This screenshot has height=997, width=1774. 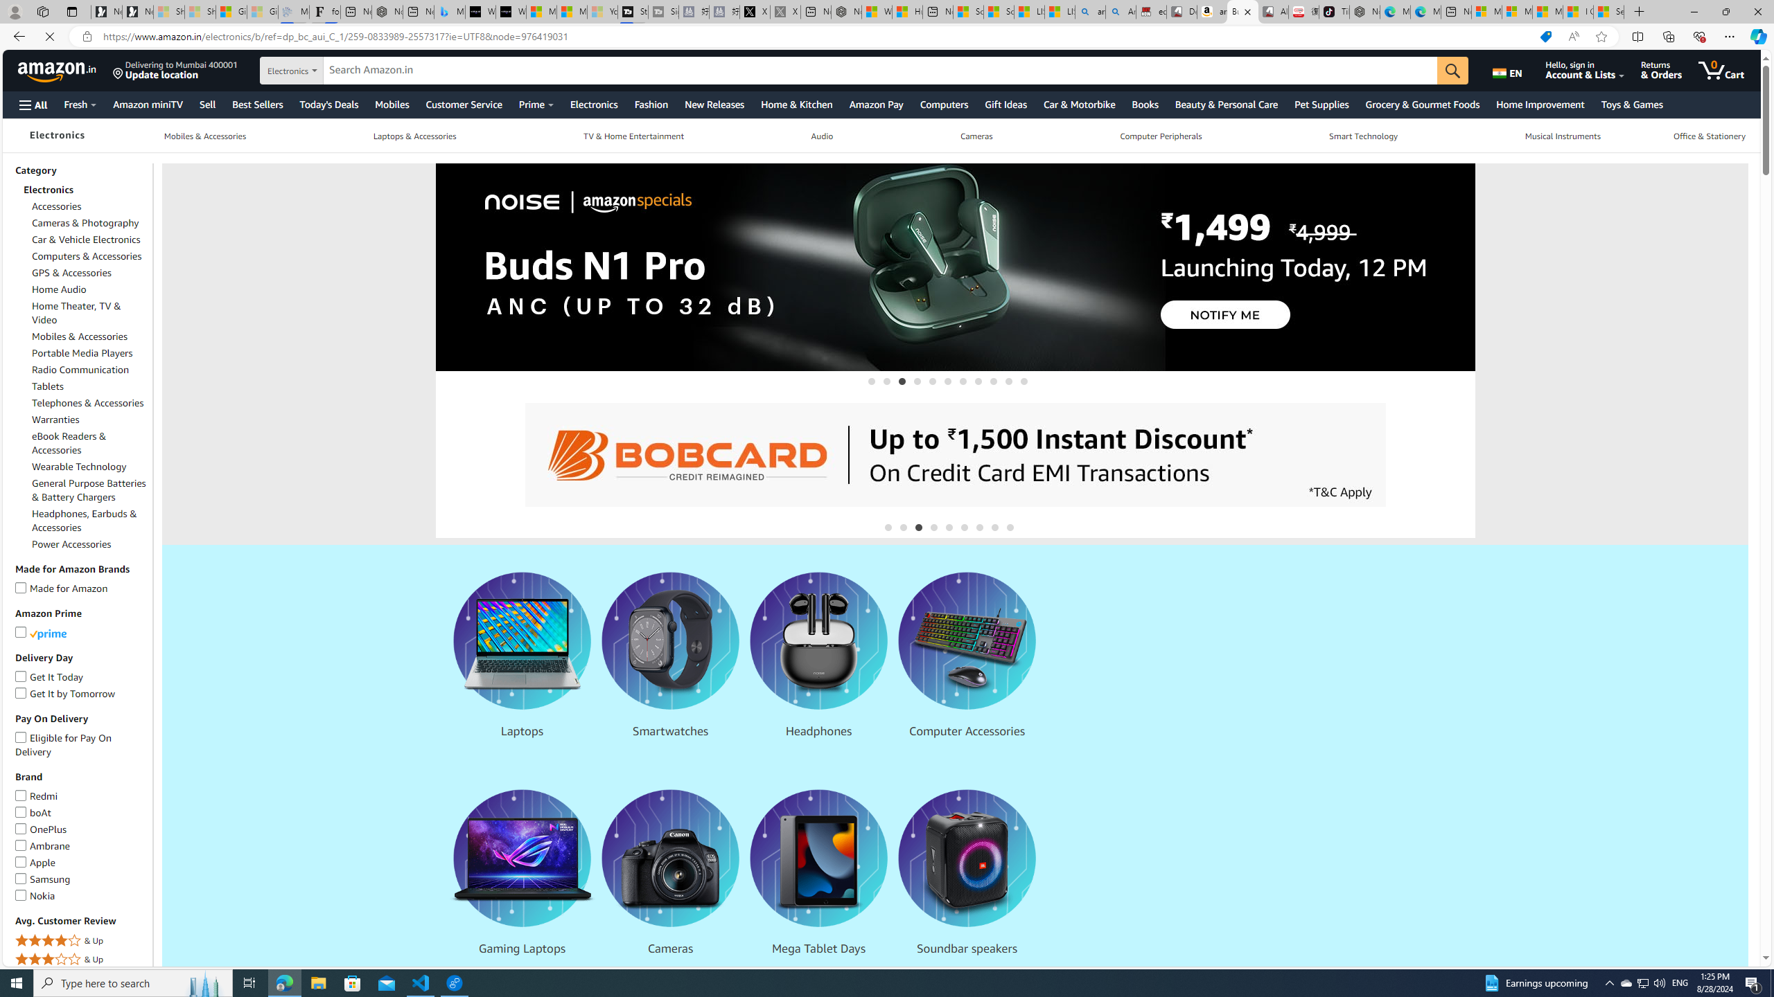 I want to click on 'What', so click(x=511, y=11).